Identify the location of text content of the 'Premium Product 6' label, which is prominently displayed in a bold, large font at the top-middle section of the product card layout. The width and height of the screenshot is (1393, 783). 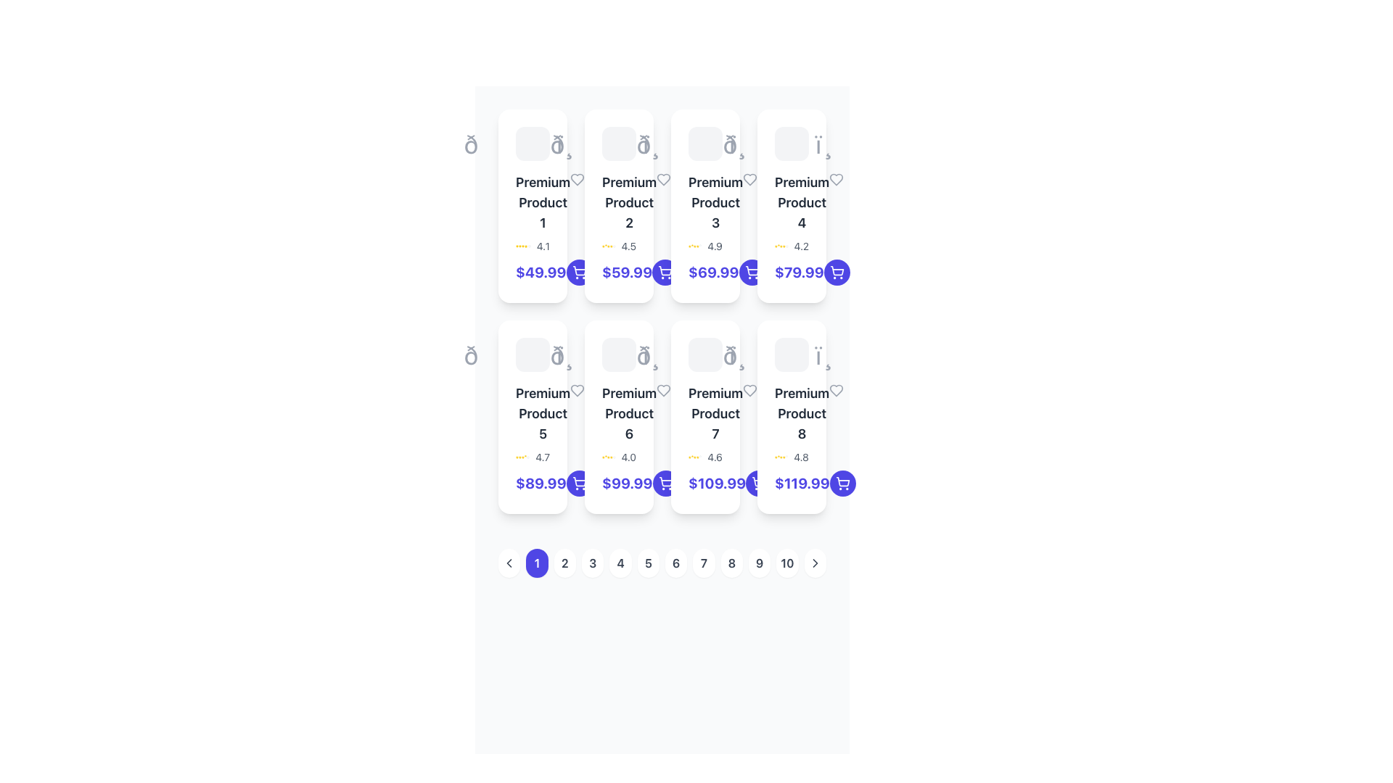
(619, 413).